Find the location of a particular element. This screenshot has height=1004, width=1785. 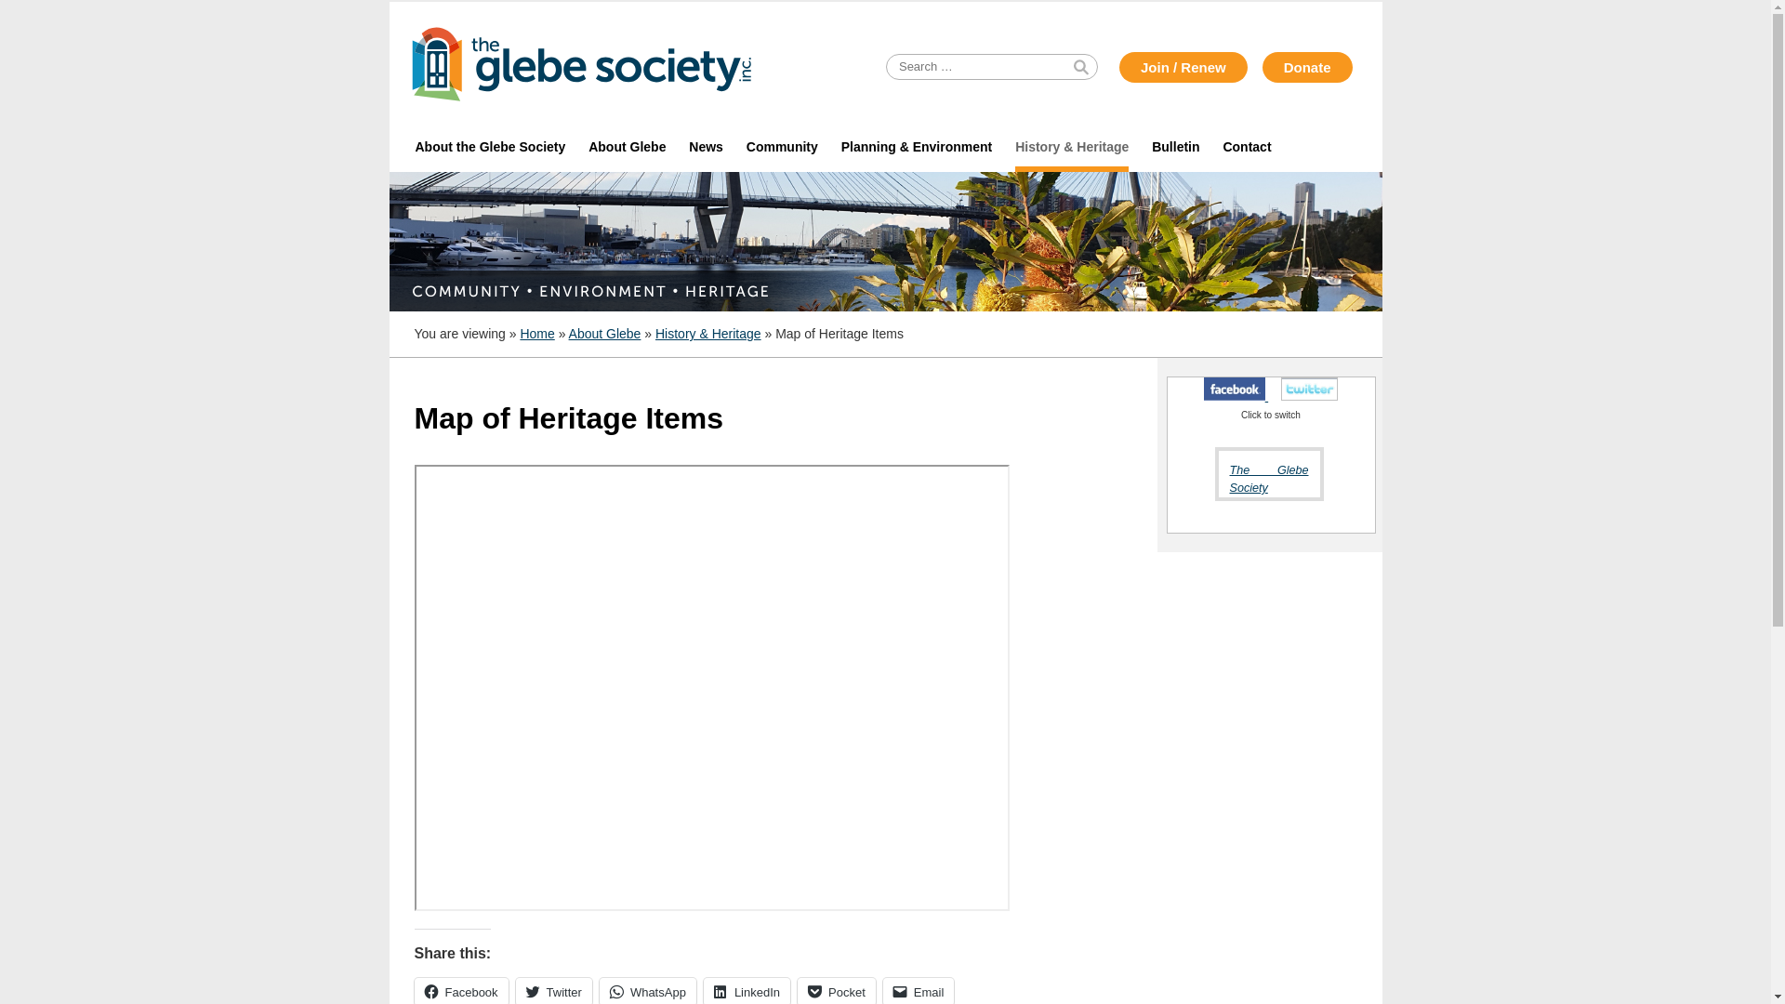

'Home' is located at coordinates (535, 332).